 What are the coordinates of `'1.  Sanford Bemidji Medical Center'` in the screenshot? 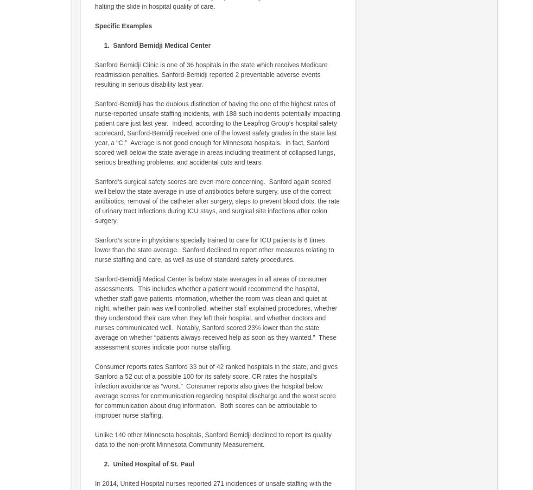 It's located at (95, 45).